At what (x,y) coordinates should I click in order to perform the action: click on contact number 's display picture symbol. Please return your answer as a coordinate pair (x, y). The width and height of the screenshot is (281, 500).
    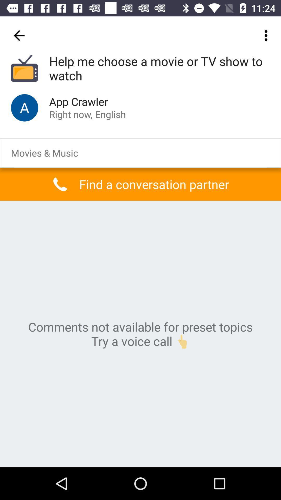
    Looking at the image, I should click on (24, 107).